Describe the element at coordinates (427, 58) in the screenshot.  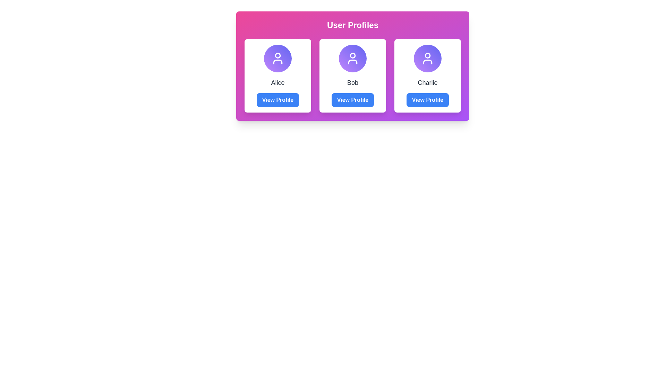
I see `the Avatar Icon representing the user Charlie in the User Profiles section` at that location.